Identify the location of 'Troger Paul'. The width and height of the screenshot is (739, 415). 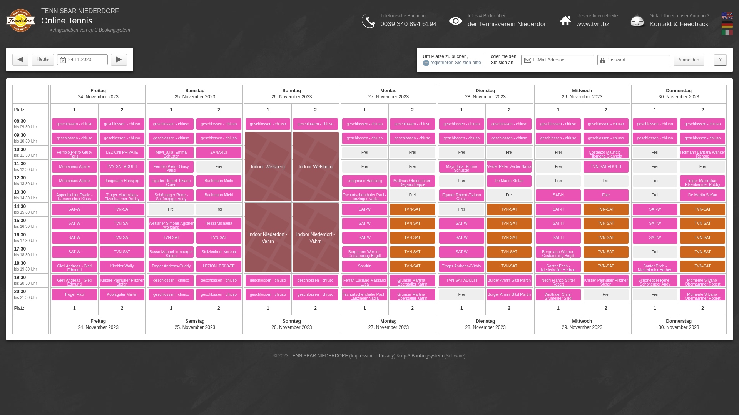
(51, 294).